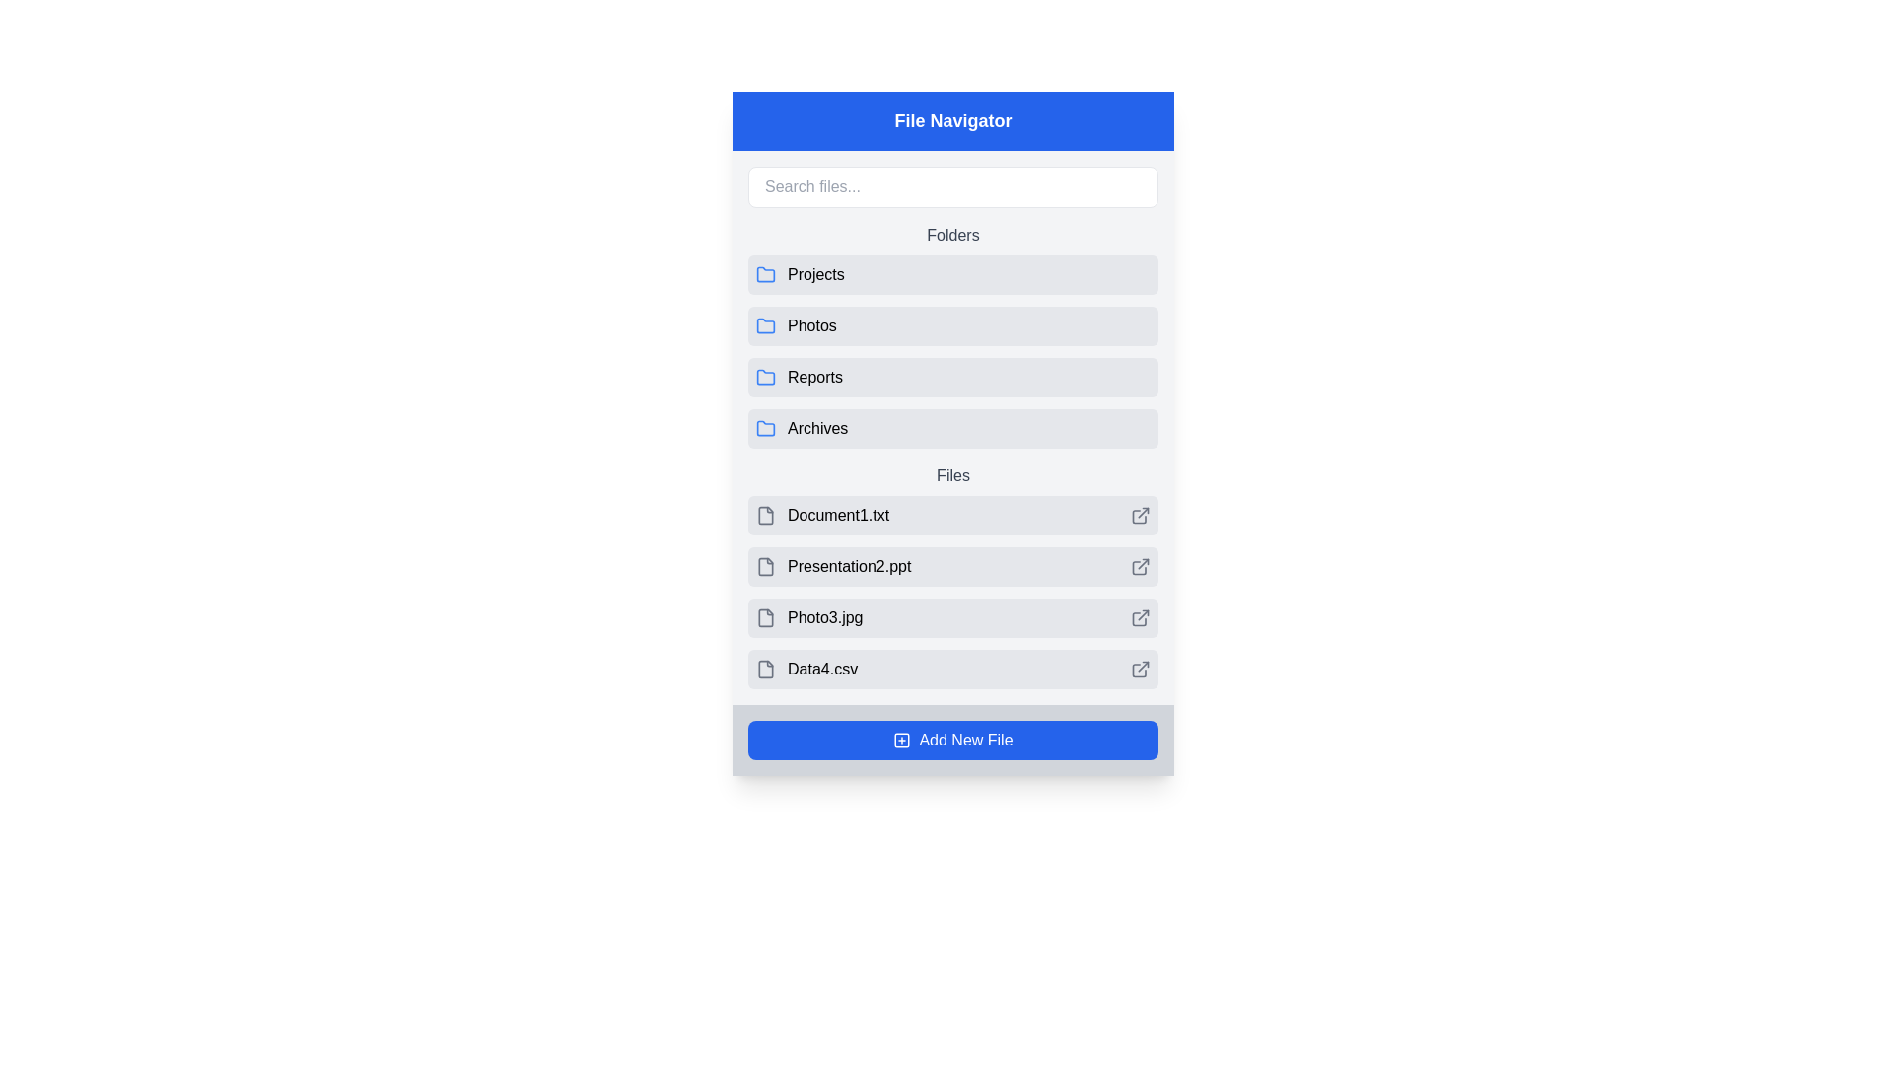 This screenshot has width=1893, height=1065. I want to click on the external link icon represented by a diagonal arrow pointing upwards and to the right, located on the far right of the 'Data4.csv' file entry in the 'Files' section, so click(1143, 666).